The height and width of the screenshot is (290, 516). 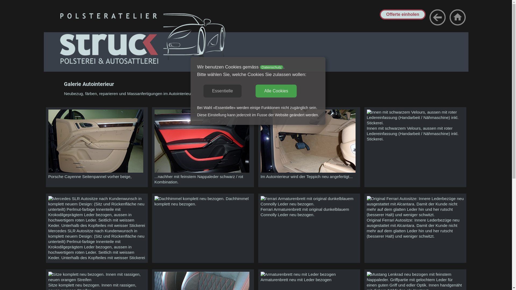 What do you see at coordinates (260, 274) in the screenshot?
I see `'Armaturenbrett neu mit Leder bezogen'` at bounding box center [260, 274].